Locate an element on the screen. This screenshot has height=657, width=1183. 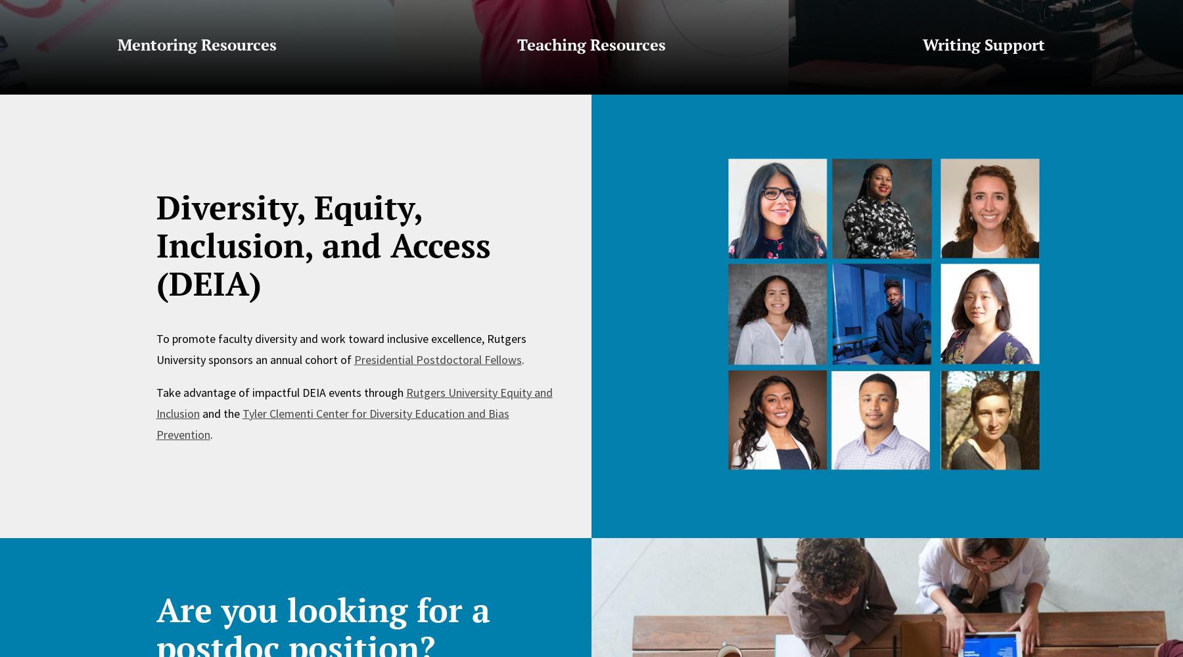
'Writing Support' is located at coordinates (985, 44).